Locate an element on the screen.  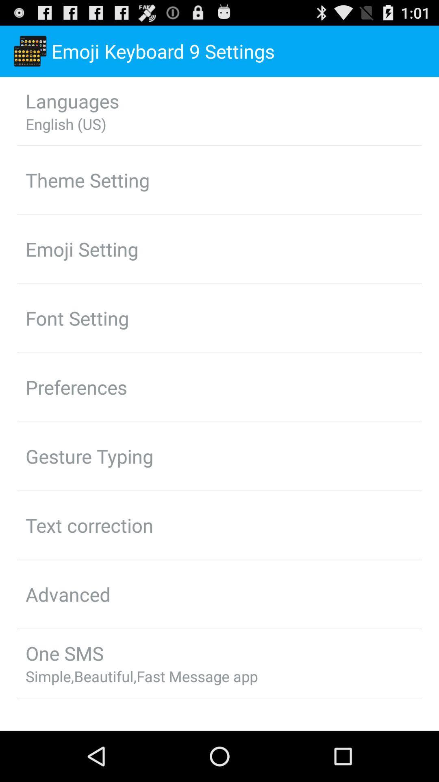
icon above preferences item is located at coordinates (77, 318).